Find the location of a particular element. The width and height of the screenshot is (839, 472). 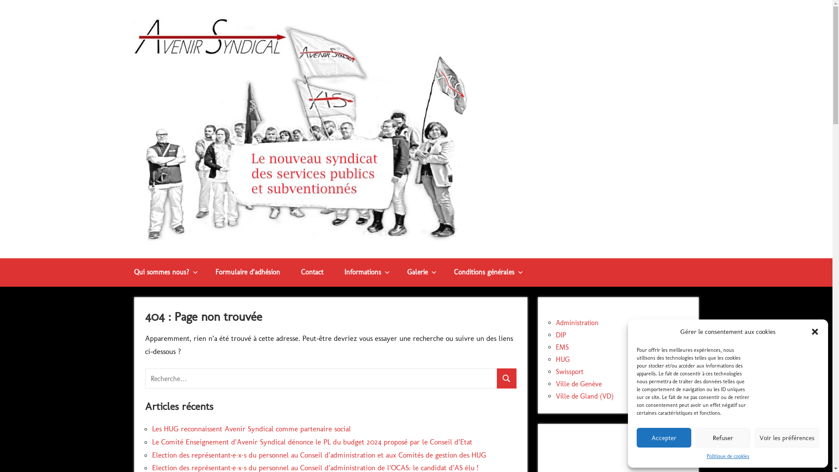

'Administration' is located at coordinates (577, 323).